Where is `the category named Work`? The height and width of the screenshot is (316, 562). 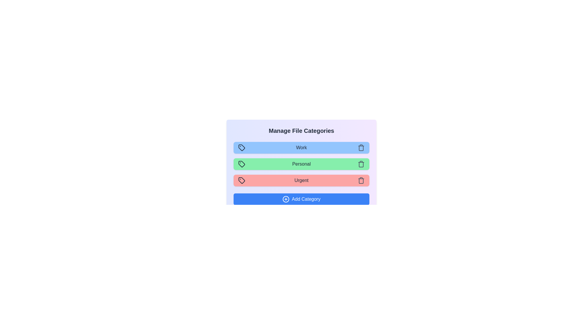 the category named Work is located at coordinates (301, 147).